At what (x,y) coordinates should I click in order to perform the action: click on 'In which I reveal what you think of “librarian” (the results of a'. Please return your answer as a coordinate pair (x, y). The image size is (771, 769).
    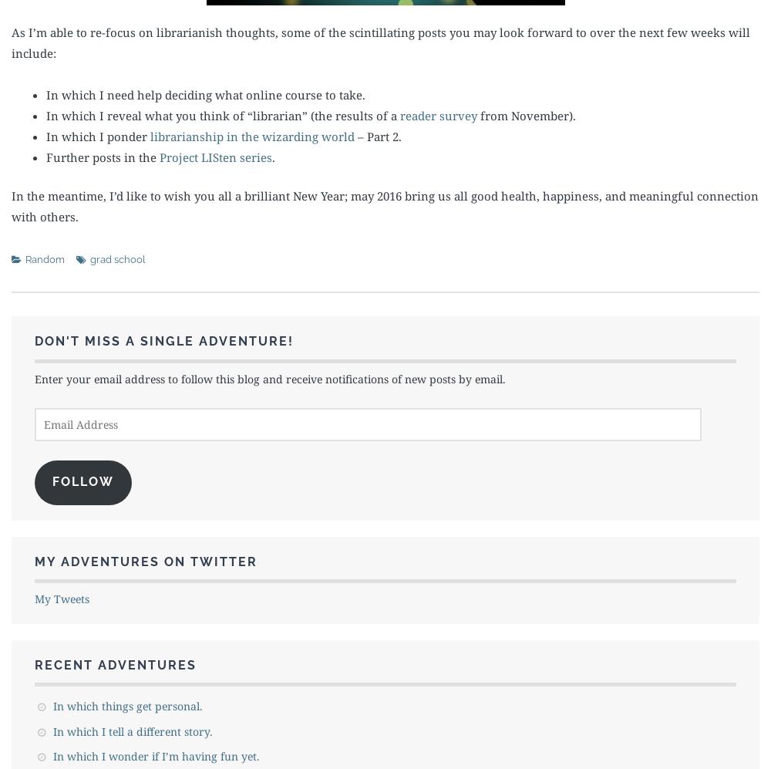
    Looking at the image, I should click on (223, 115).